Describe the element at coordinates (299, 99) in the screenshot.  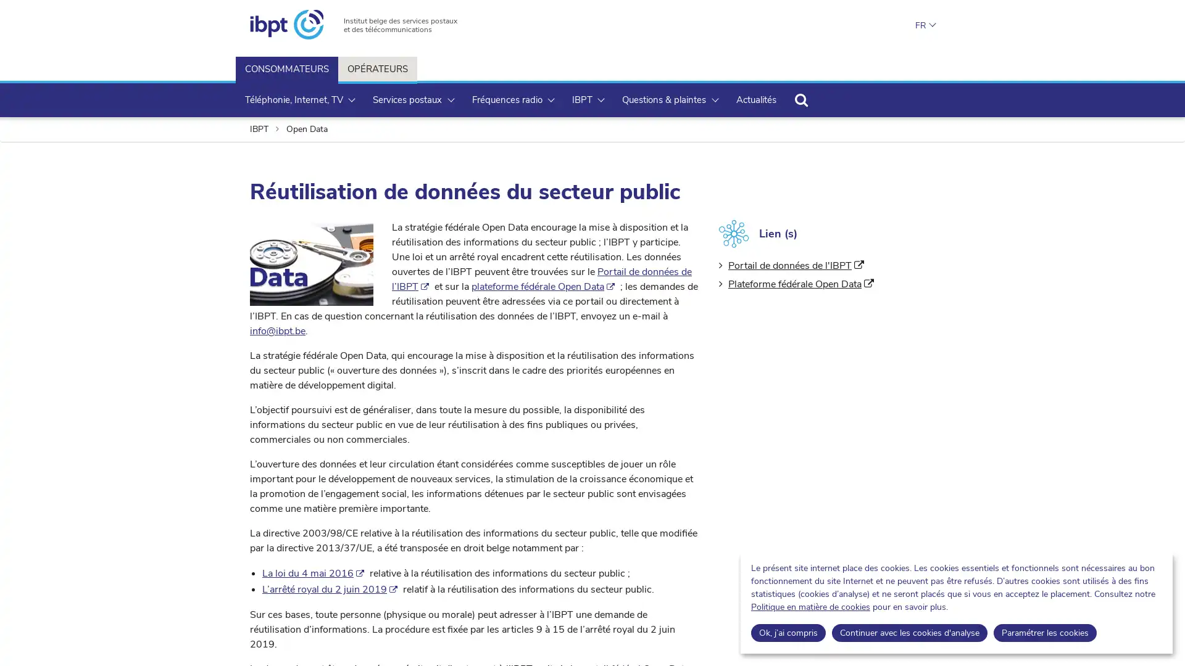
I see `Telephonie, Internet, TV` at that location.